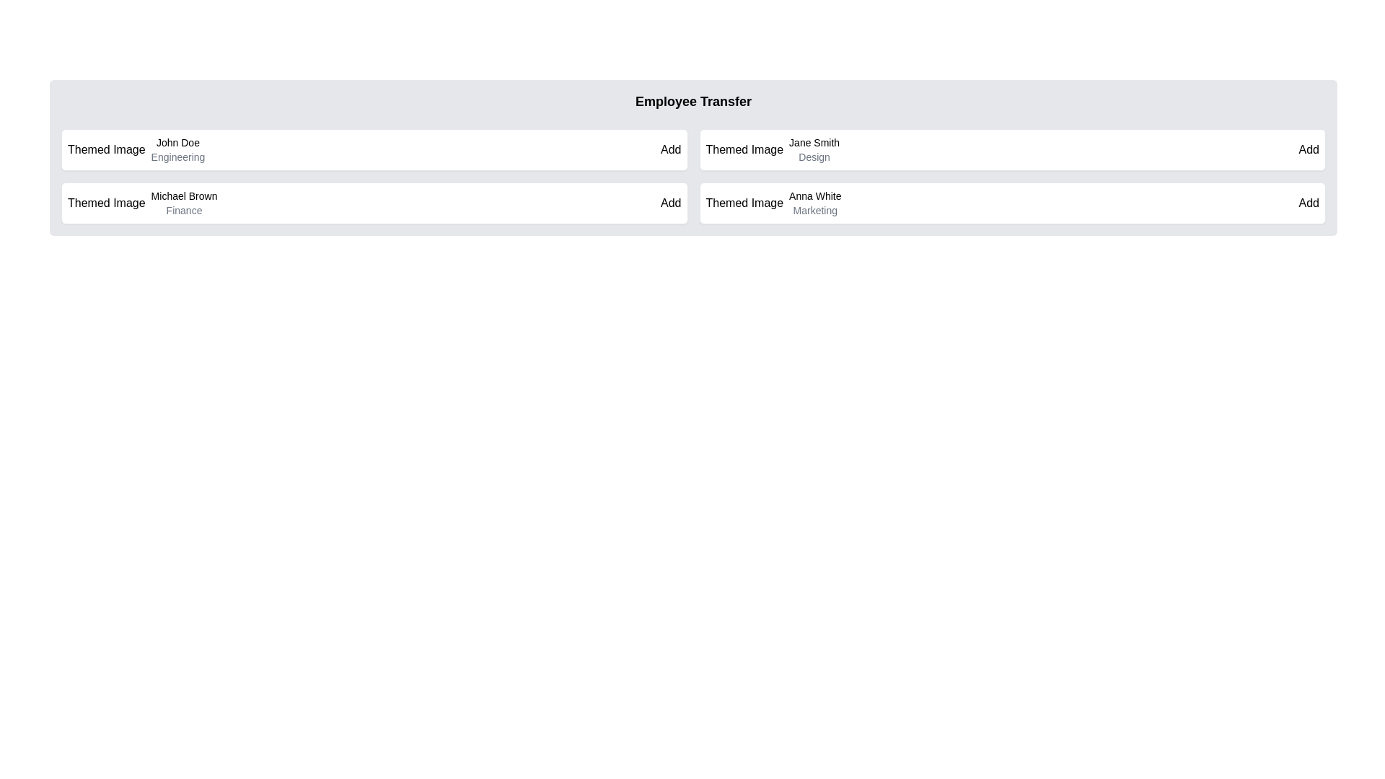 The height and width of the screenshot is (779, 1385). What do you see at coordinates (814, 142) in the screenshot?
I see `text label 'Jane Smith' which is prominently styled and positioned above the text labeled 'Design' in the profile information section under 'Employee Transfer'` at bounding box center [814, 142].